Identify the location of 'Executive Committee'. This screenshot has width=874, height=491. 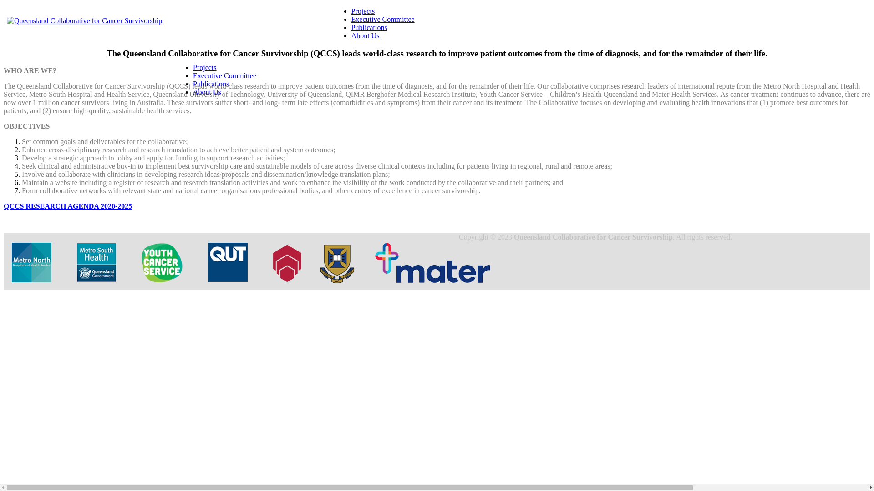
(383, 19).